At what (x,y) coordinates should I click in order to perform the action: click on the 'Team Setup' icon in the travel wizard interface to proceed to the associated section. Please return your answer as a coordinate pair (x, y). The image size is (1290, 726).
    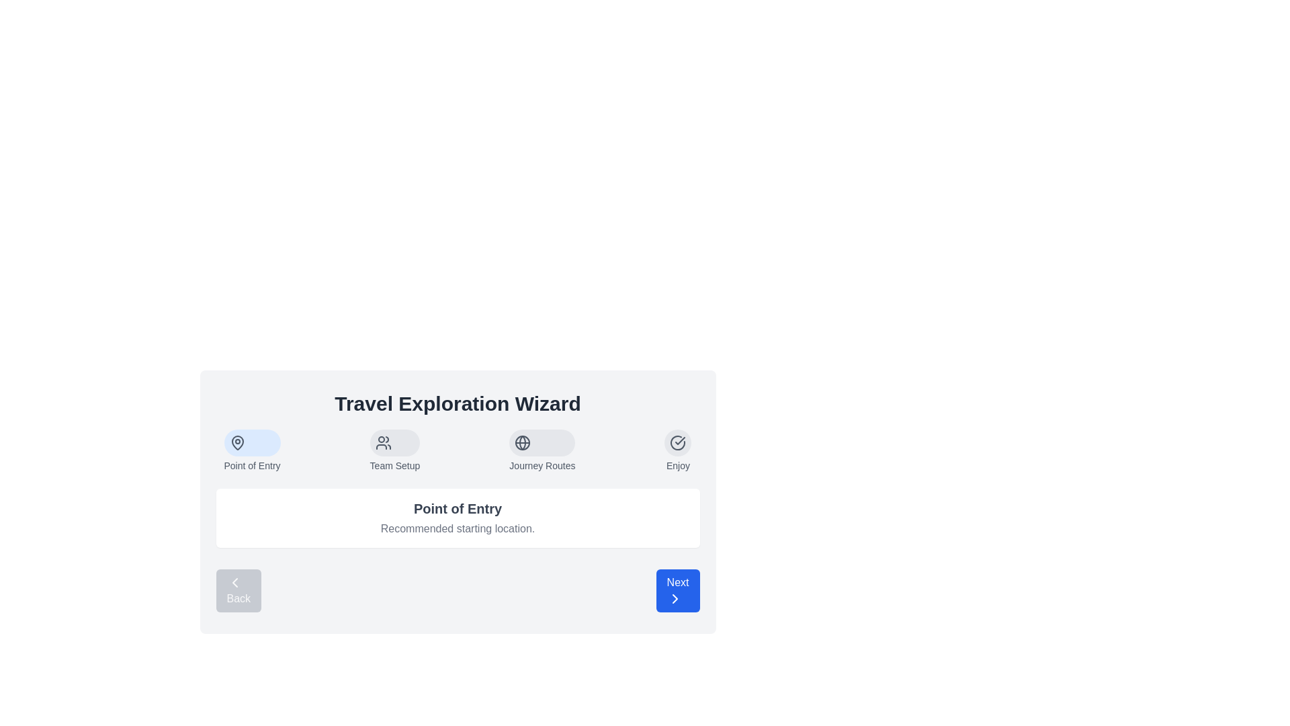
    Looking at the image, I should click on (382, 443).